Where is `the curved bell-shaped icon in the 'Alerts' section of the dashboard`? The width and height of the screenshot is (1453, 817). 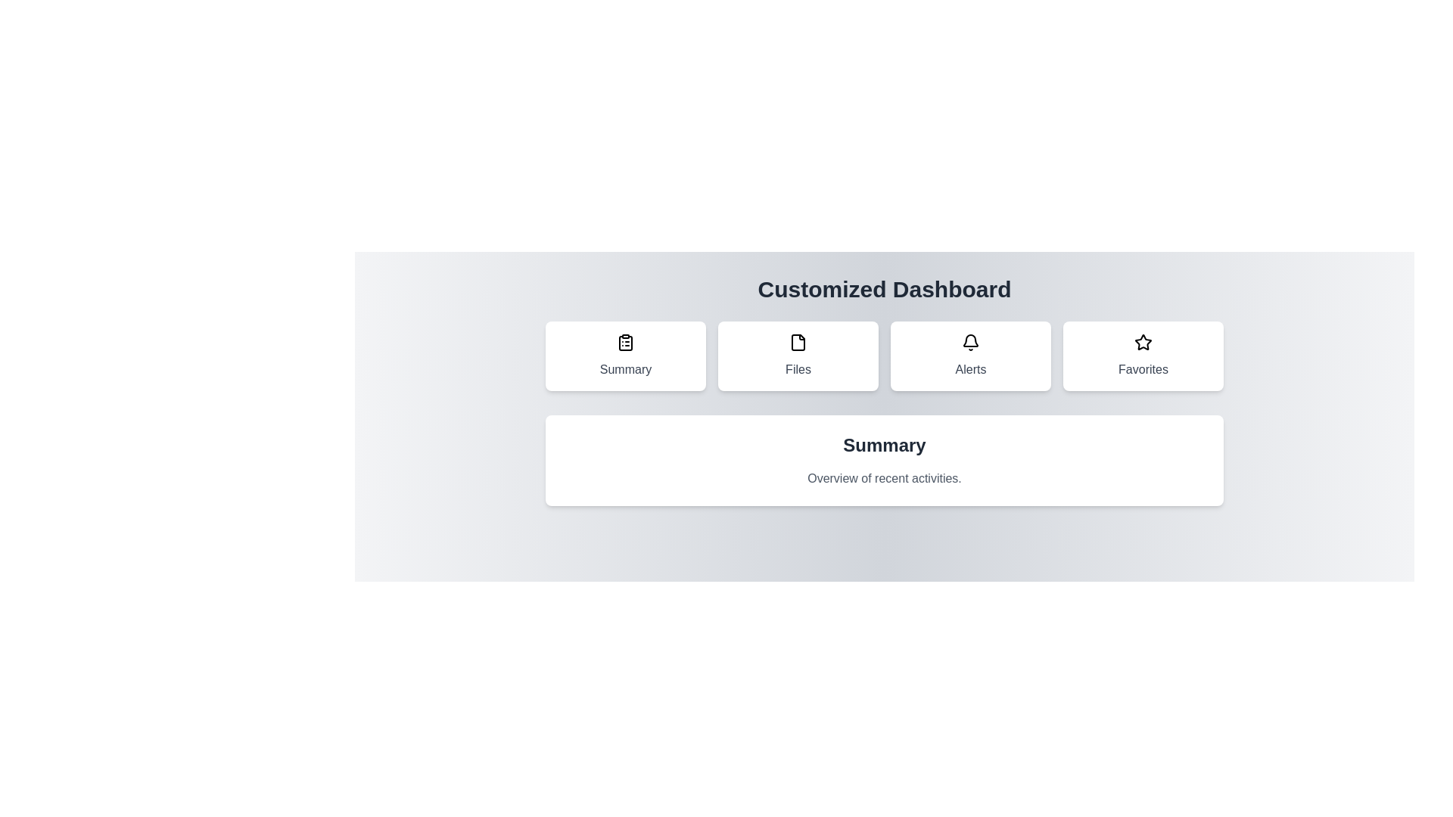
the curved bell-shaped icon in the 'Alerts' section of the dashboard is located at coordinates (970, 340).